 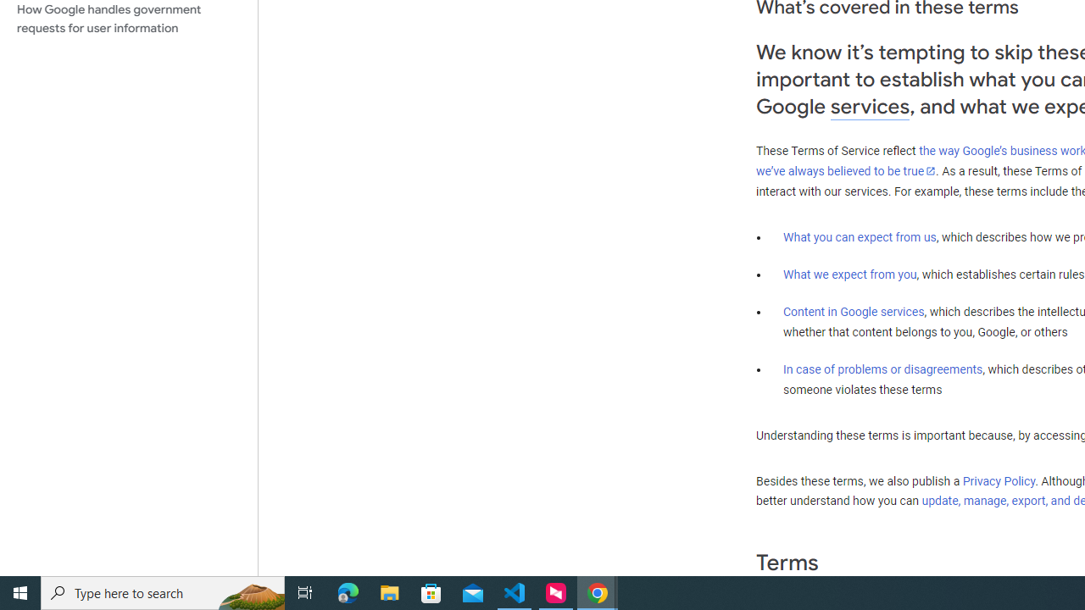 I want to click on 'In case of problems or disagreements', so click(x=882, y=368).